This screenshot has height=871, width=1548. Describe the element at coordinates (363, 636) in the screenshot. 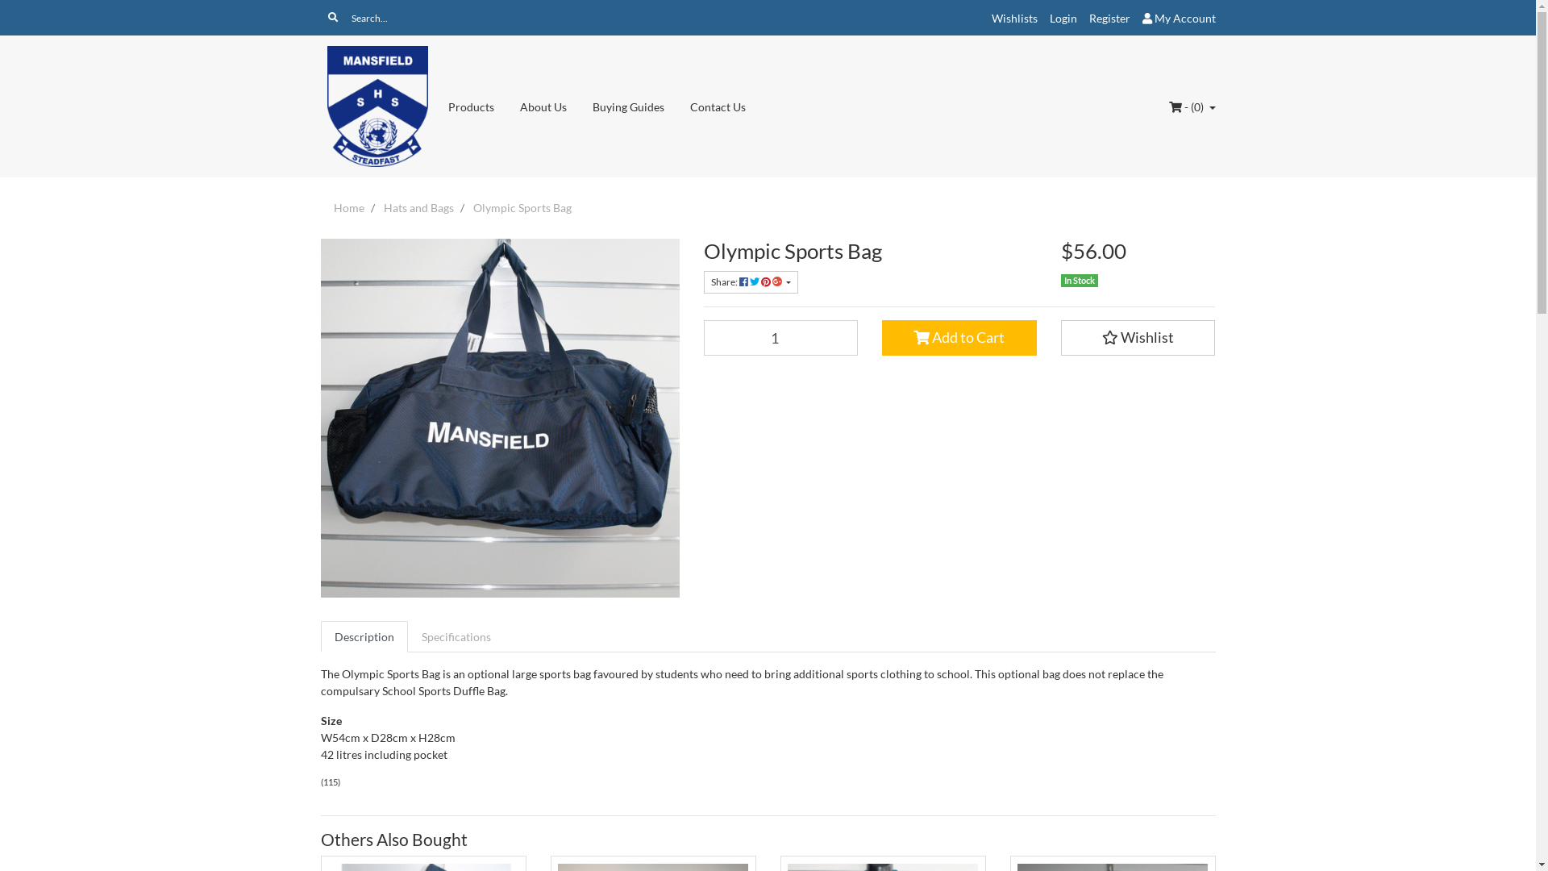

I see `'Description'` at that location.